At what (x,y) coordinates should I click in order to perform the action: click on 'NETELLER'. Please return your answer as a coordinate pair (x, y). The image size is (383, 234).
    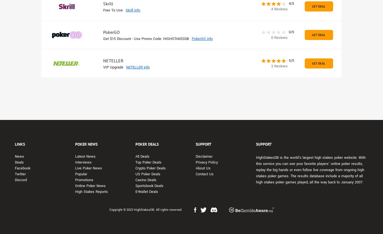
    Looking at the image, I should click on (113, 60).